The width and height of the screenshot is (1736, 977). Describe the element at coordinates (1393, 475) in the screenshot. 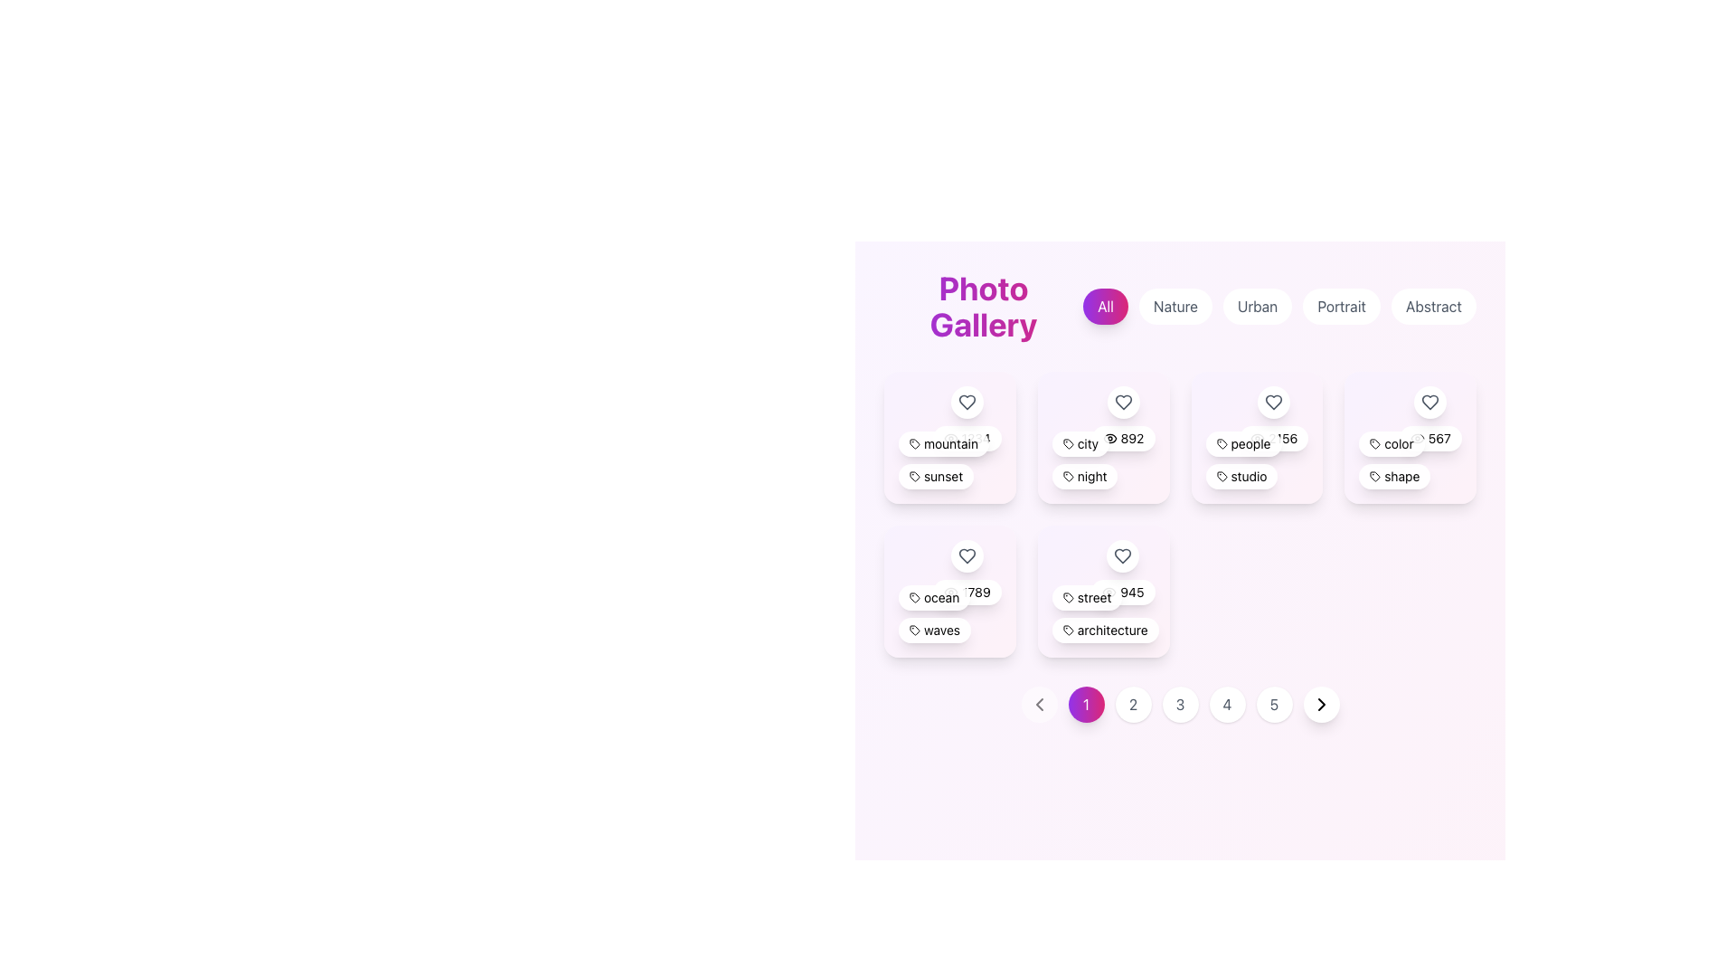

I see `information from the lower badge labeled 'shape', which is a compact, horizontal pill-shaped badge with a white background and a tag icon` at that location.